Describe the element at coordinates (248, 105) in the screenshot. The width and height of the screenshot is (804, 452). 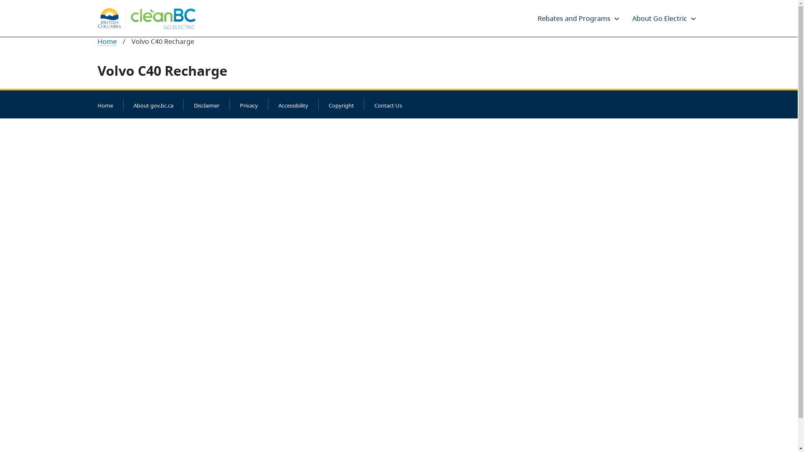
I see `'Privacy'` at that location.